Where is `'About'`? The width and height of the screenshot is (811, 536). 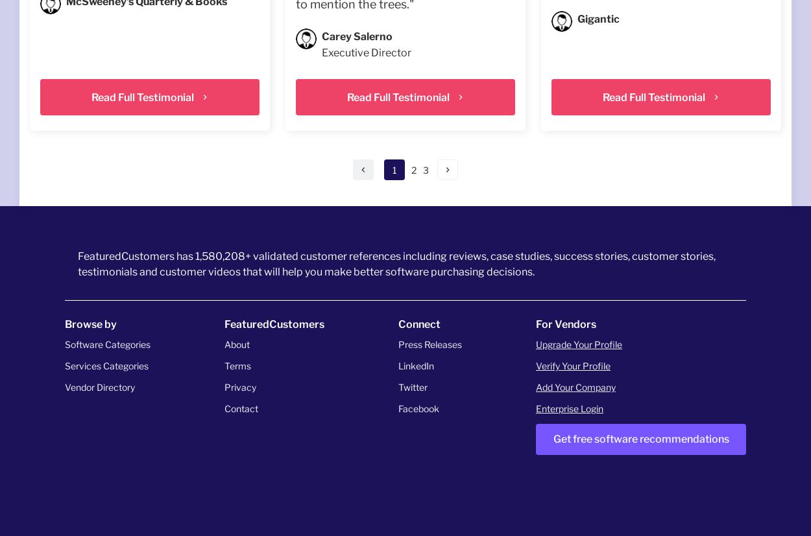 'About' is located at coordinates (236, 344).